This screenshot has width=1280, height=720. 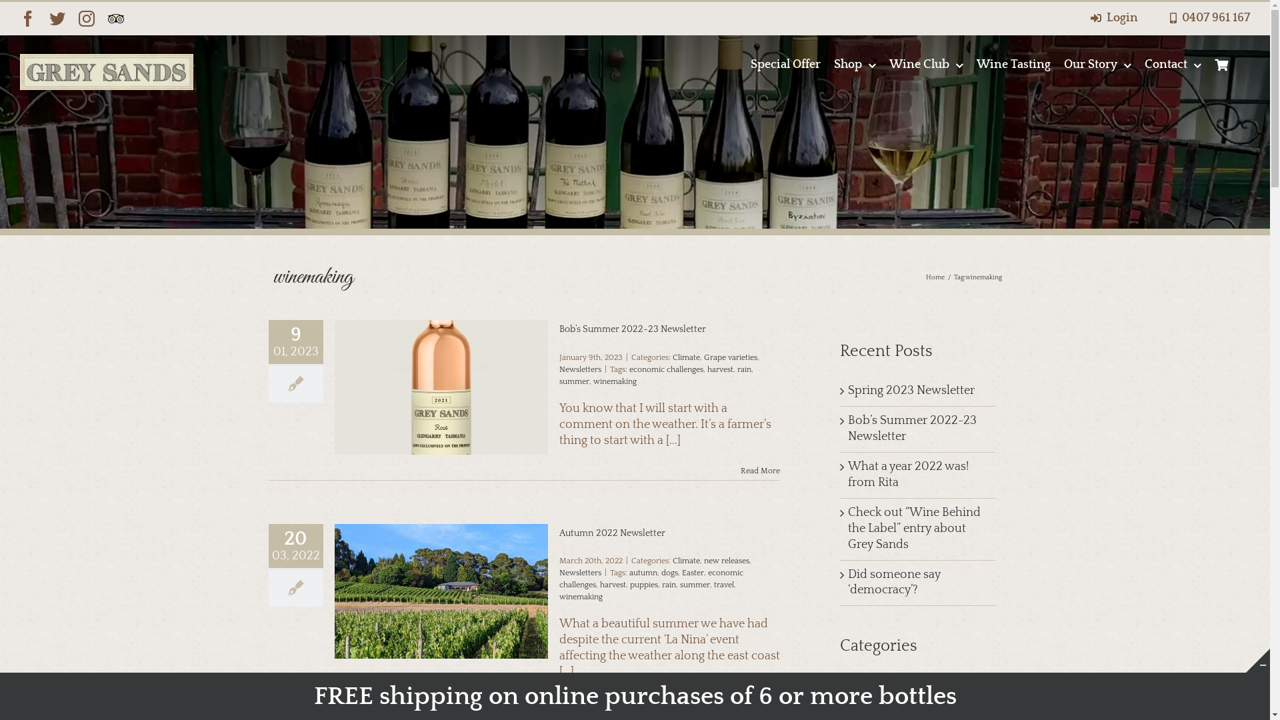 What do you see at coordinates (1097, 72) in the screenshot?
I see `'Our Story'` at bounding box center [1097, 72].